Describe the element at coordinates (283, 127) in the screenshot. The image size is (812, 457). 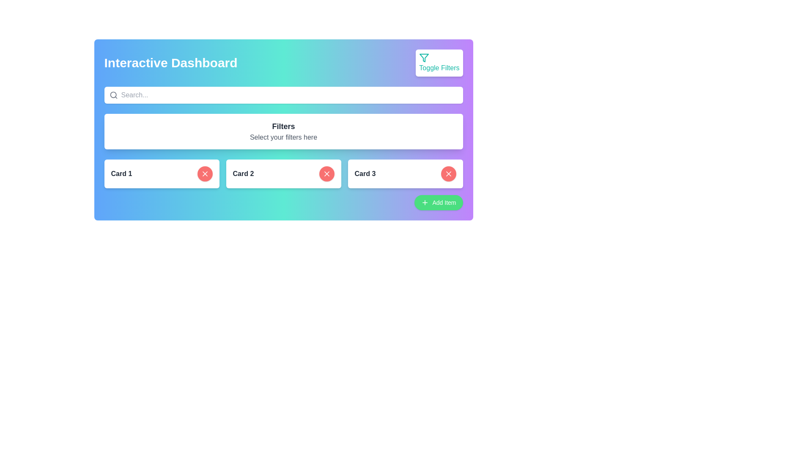
I see `the Text Label that indicates the filter section, positioned at the top-center of the white card component above the helper text 'Select your filters here.'` at that location.